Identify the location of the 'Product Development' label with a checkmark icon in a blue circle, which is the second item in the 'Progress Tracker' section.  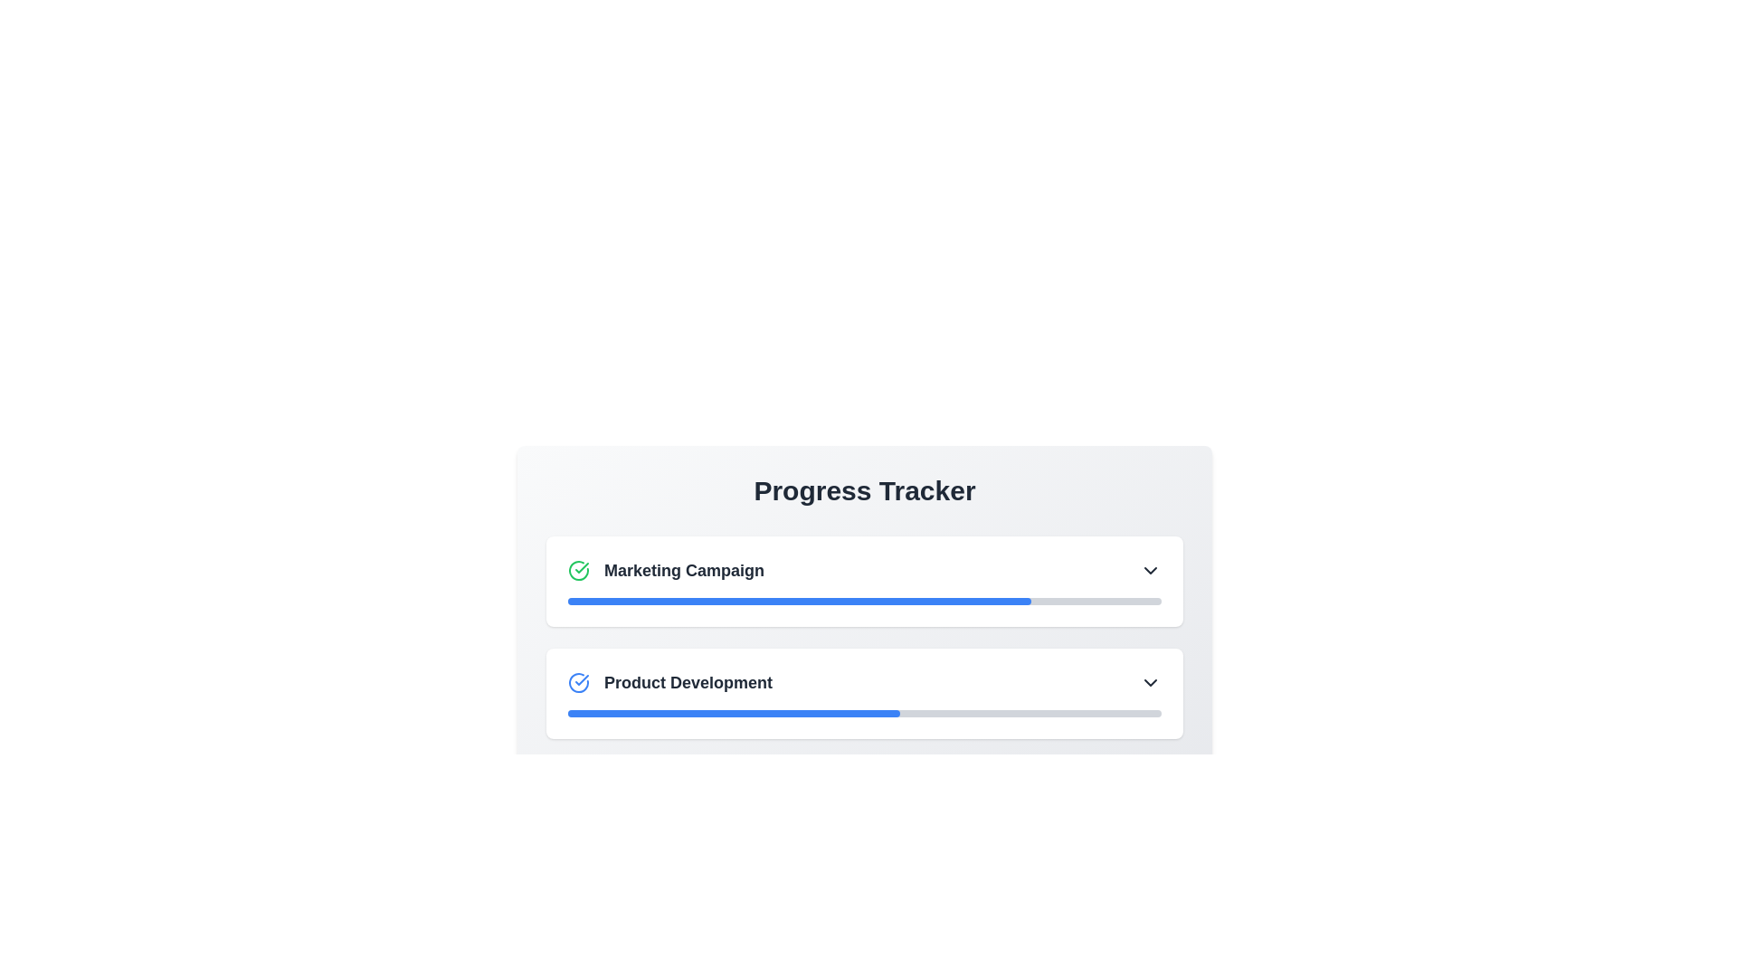
(669, 683).